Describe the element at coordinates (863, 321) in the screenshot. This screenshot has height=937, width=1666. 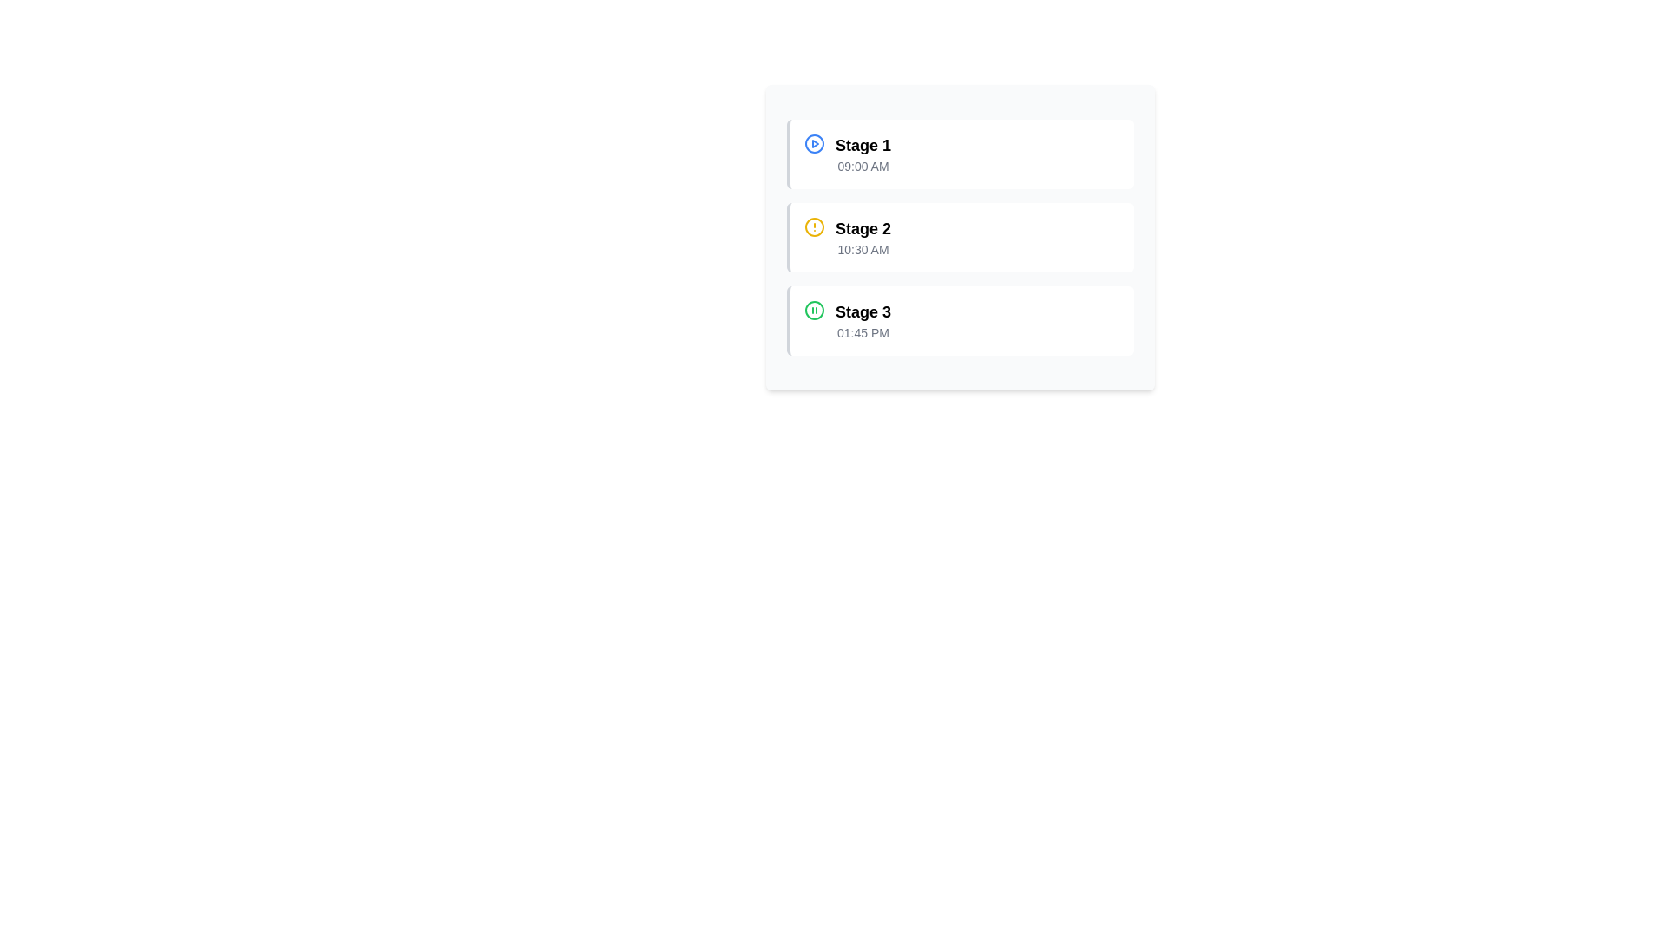
I see `information displayed in the Text information block showing 'Stage 3' and '01:45 PM', which is the last item in a vertical list` at that location.